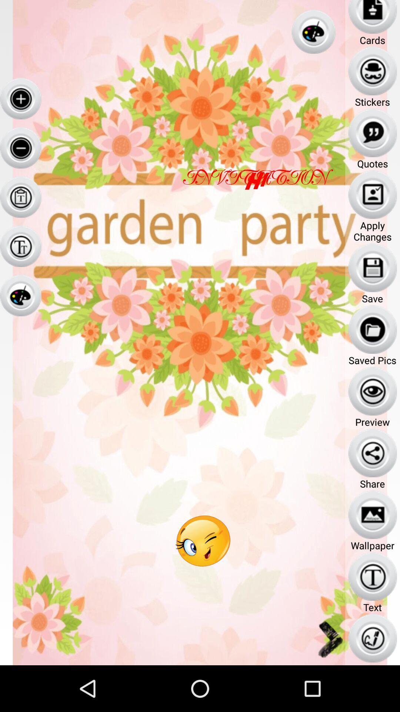 Image resolution: width=400 pixels, height=712 pixels. What do you see at coordinates (329, 639) in the screenshot?
I see `the right scroll button` at bounding box center [329, 639].